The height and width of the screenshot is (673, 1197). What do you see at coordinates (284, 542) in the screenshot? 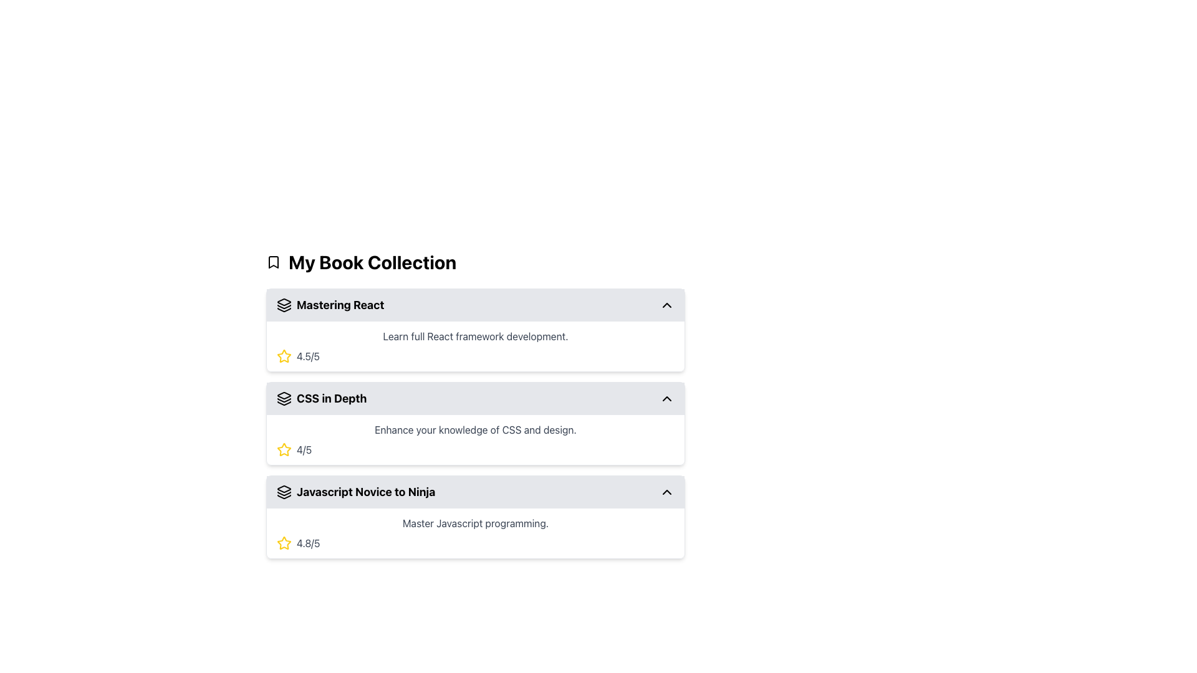
I see `the rating representation icon located in the third section labeled 'Javascript Novice to Ninja', positioned to the left of the '4.8/5' text` at bounding box center [284, 542].